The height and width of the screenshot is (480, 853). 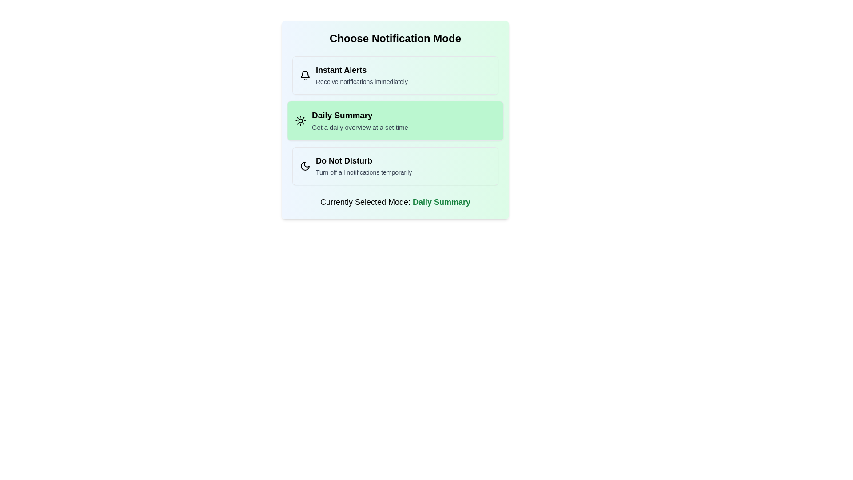 I want to click on the crescent moon icon representing the 'Do Not Disturb' option in the 'Choose Notification Mode' interface, so click(x=305, y=166).